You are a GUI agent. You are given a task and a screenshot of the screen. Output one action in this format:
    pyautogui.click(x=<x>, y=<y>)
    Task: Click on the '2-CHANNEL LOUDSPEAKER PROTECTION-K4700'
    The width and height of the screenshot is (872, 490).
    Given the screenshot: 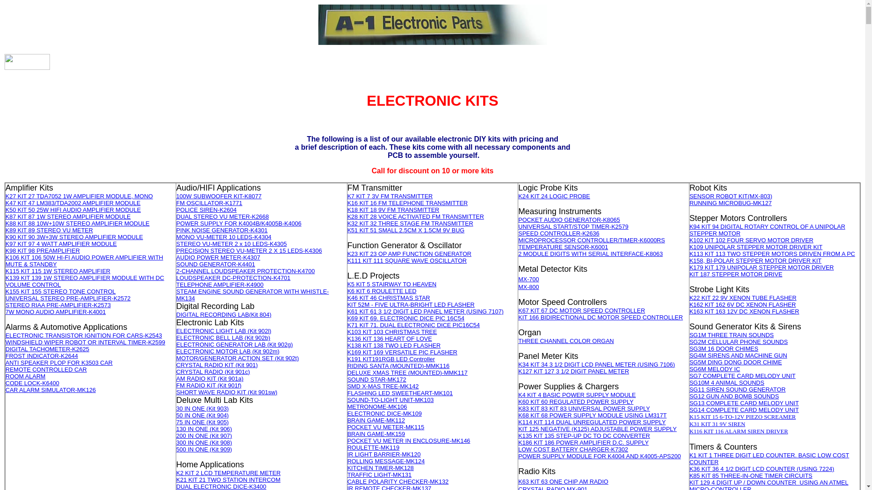 What is the action you would take?
    pyautogui.click(x=245, y=270)
    